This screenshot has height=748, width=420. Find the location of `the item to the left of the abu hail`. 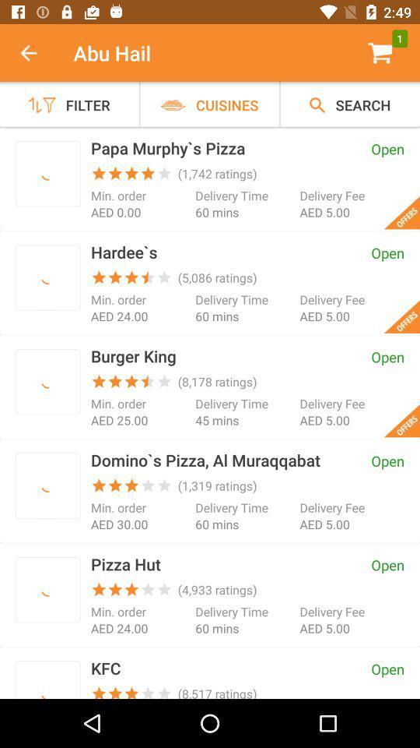

the item to the left of the abu hail is located at coordinates (37, 53).